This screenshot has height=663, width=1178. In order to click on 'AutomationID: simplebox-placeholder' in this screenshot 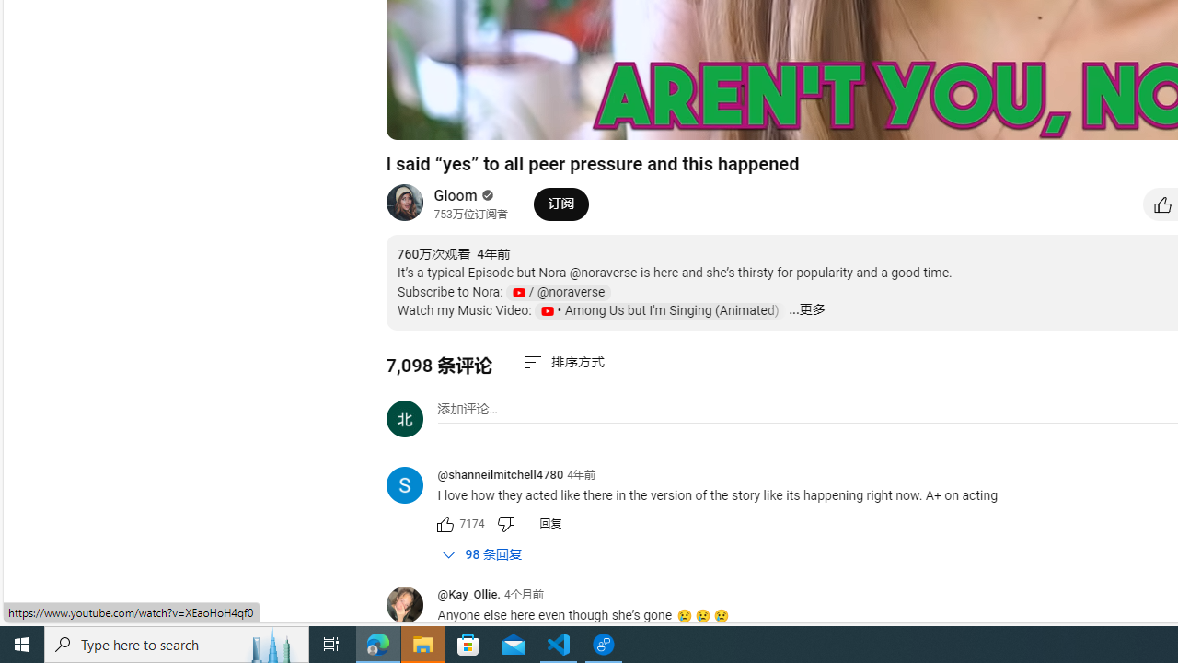, I will do `click(468, 408)`.